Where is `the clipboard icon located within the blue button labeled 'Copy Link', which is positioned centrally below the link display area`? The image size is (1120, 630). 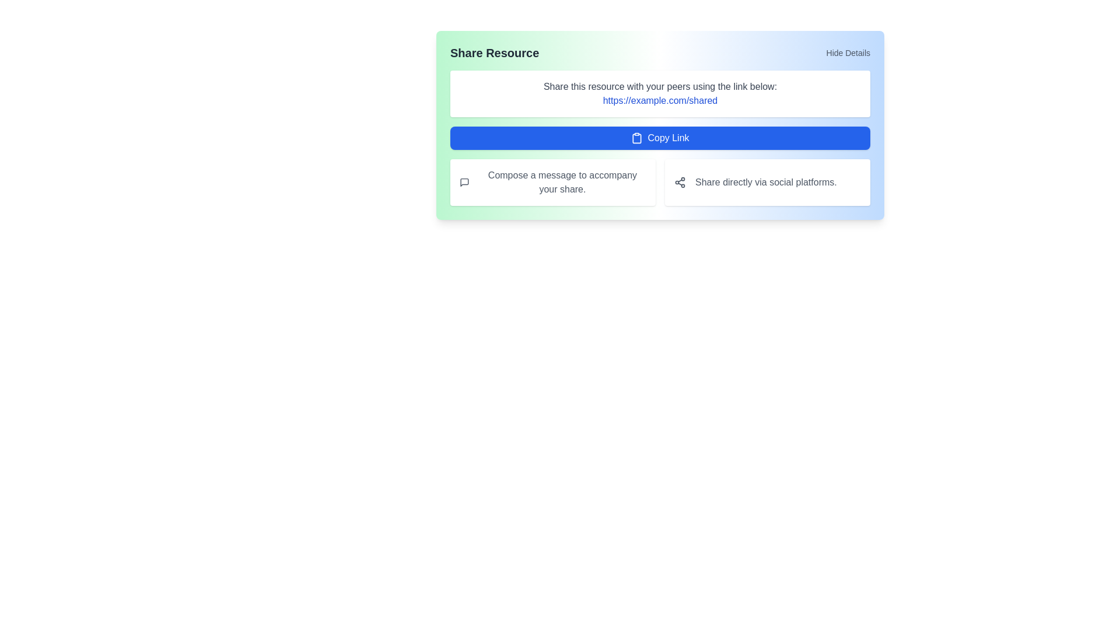 the clipboard icon located within the blue button labeled 'Copy Link', which is positioned centrally below the link display area is located at coordinates (636, 137).